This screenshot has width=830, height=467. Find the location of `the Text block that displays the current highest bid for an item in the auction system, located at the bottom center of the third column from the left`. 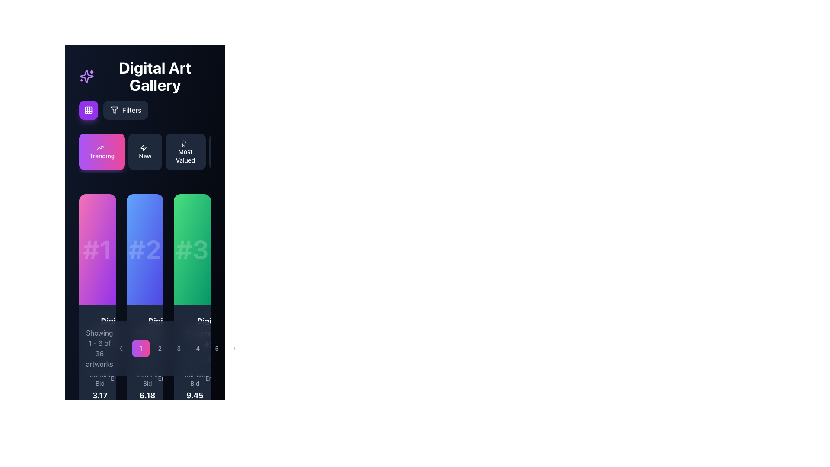

the Text block that displays the current highest bid for an item in the auction system, located at the bottom center of the third column from the left is located at coordinates (194, 392).